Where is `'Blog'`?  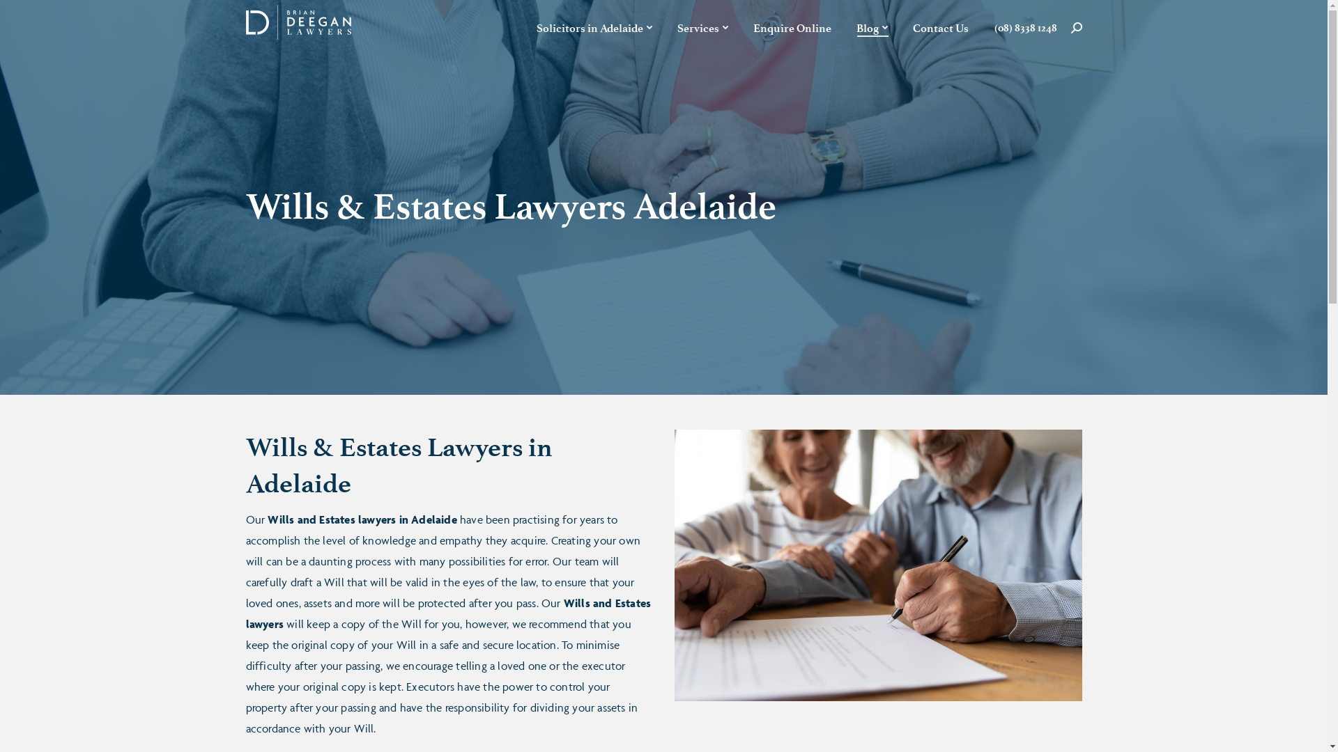 'Blog' is located at coordinates (852, 27).